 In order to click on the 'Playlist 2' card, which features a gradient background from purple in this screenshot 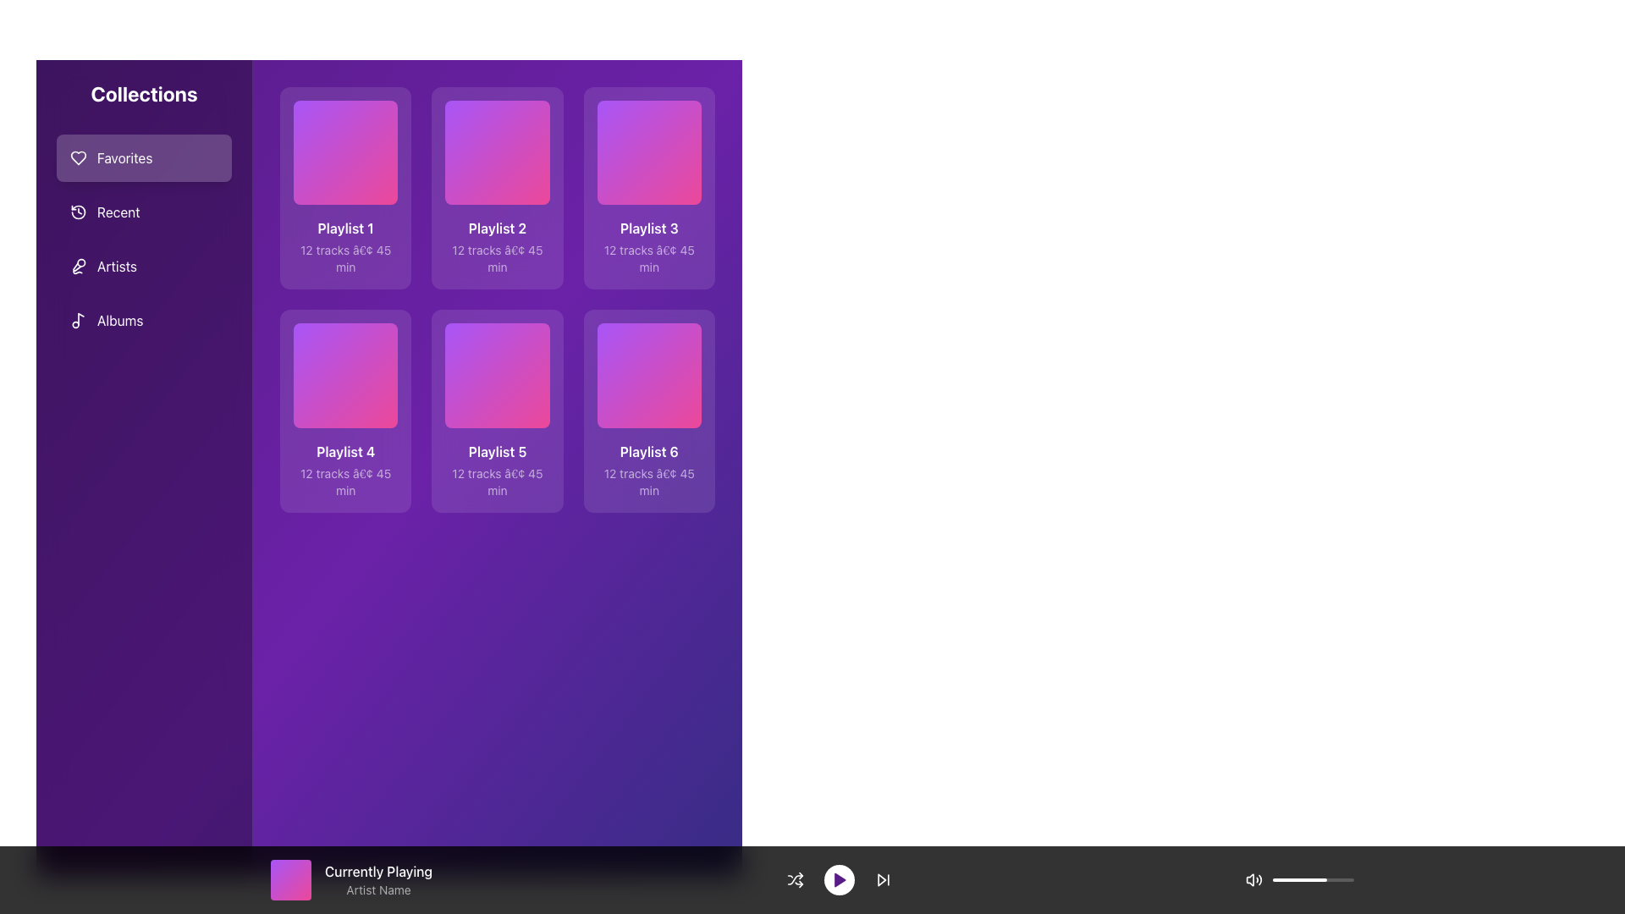, I will do `click(496, 188)`.